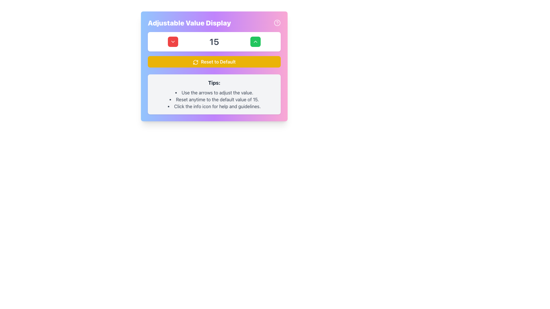 Image resolution: width=550 pixels, height=309 pixels. What do you see at coordinates (173, 41) in the screenshot?
I see `the downward chevron arrow icon located inside the left red button in the header row to decrement a numerical value` at bounding box center [173, 41].